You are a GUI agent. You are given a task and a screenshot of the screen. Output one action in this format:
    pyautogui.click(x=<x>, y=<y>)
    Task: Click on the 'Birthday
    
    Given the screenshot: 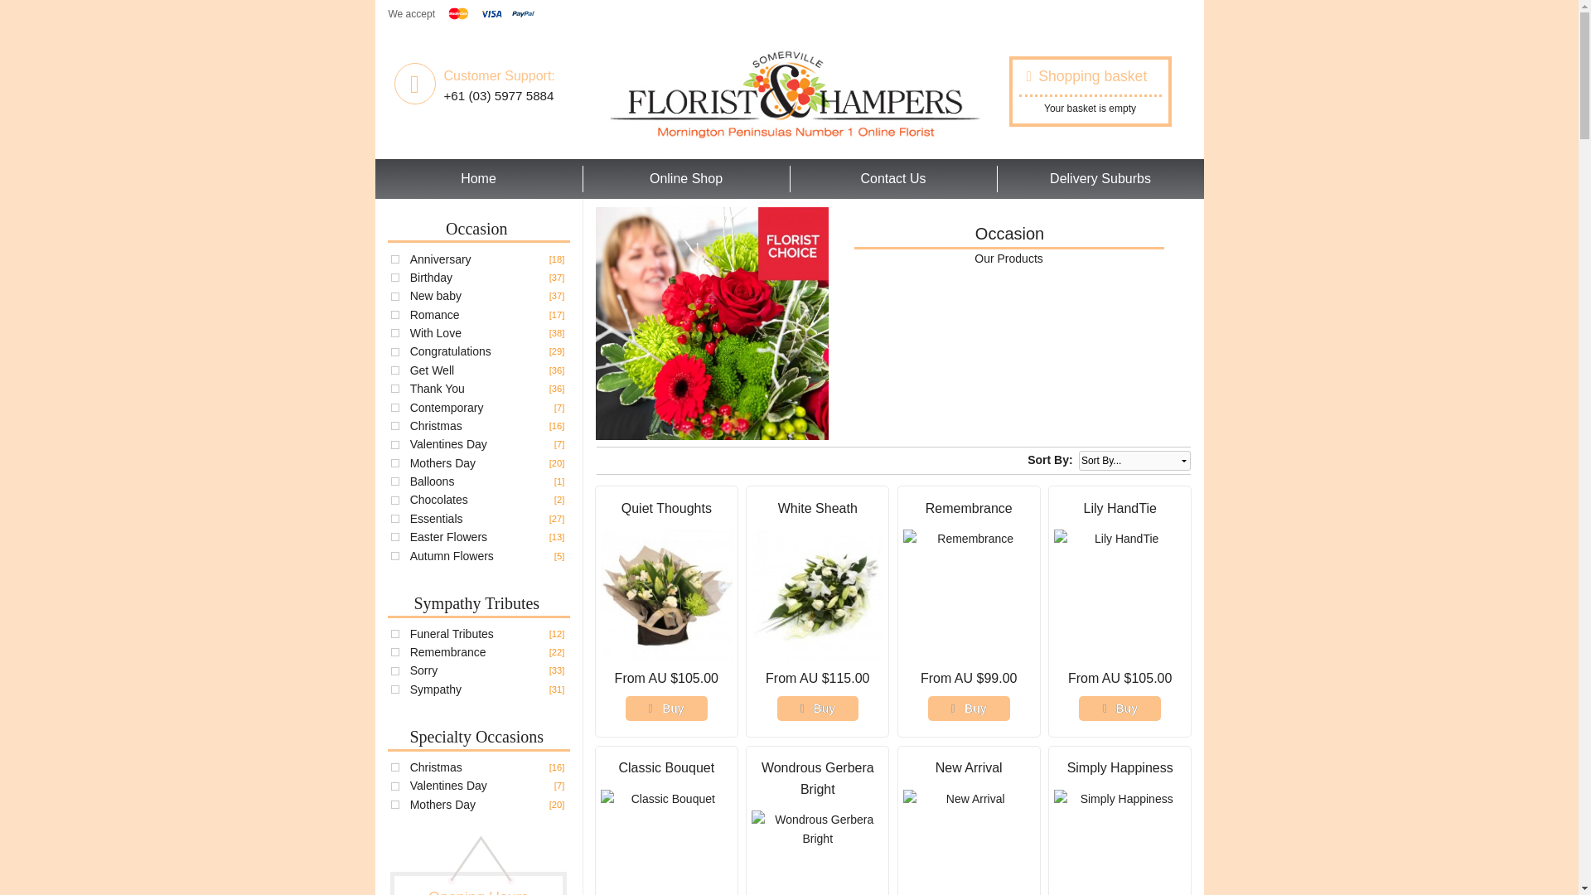 What is the action you would take?
    pyautogui.click(x=431, y=277)
    